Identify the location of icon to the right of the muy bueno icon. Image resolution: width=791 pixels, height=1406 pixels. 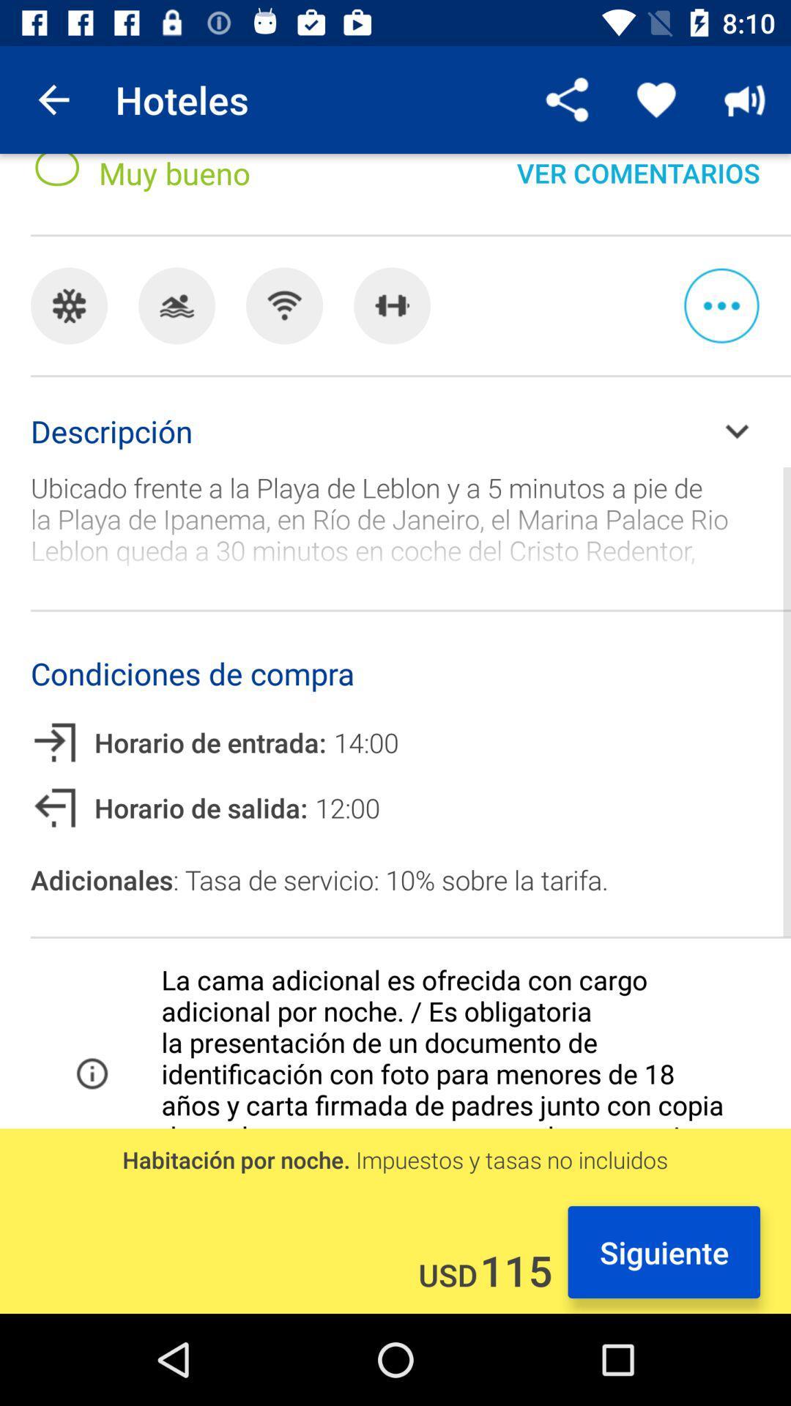
(637, 185).